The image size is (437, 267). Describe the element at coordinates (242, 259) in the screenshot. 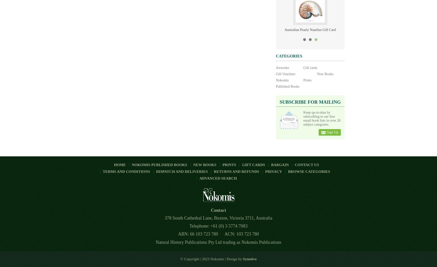

I see `'Synotive'` at that location.